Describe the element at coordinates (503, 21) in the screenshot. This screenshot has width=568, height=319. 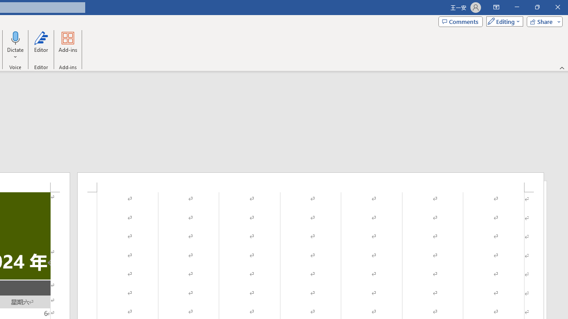
I see `'Mode'` at that location.